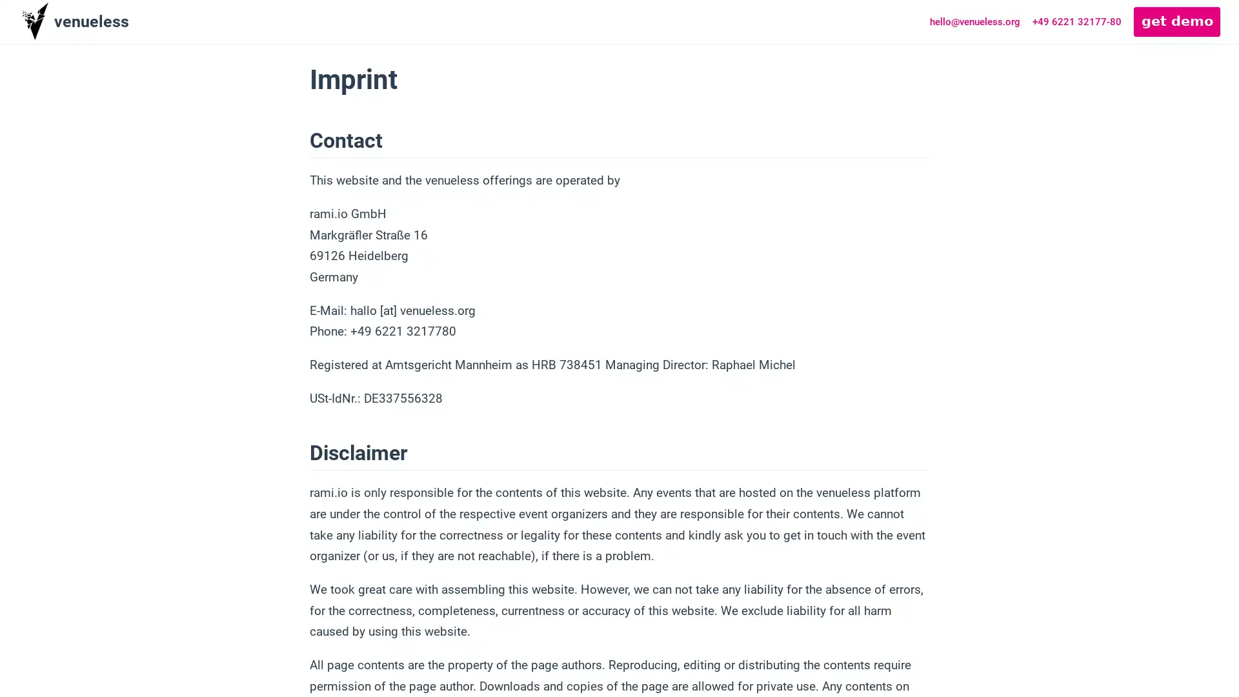 This screenshot has height=697, width=1239. I want to click on get demo, so click(1177, 21).